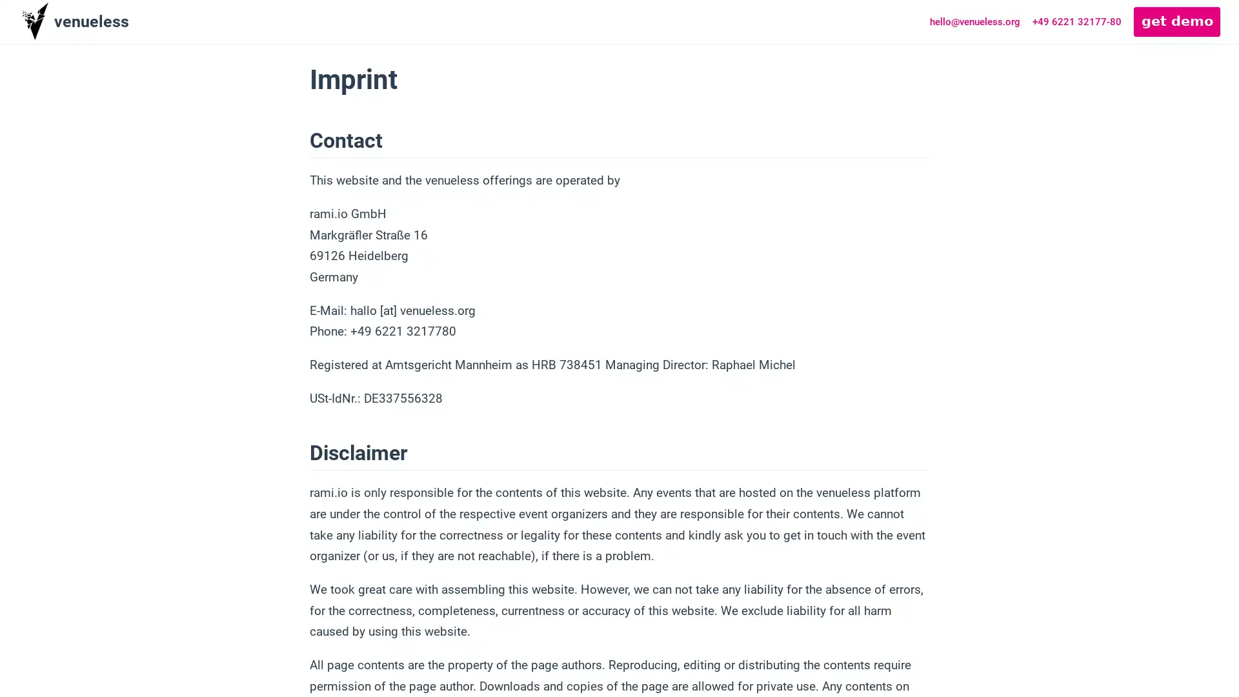 This screenshot has height=697, width=1239. I want to click on get demo, so click(1177, 21).